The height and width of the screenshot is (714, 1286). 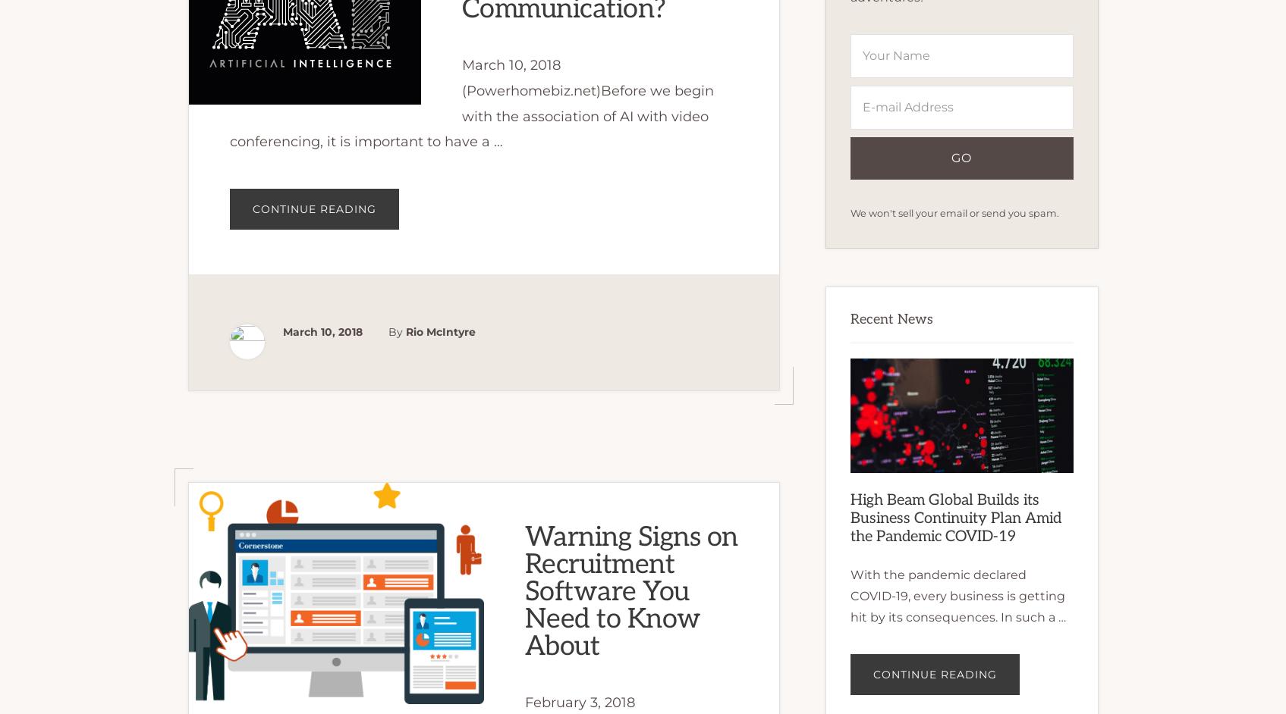 I want to click on 'By', so click(x=394, y=330).